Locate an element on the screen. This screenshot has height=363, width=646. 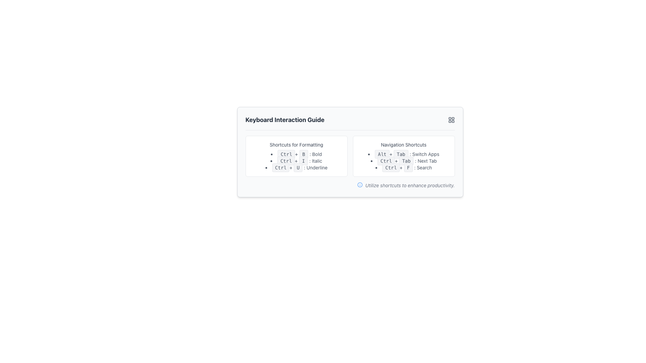
informational label that indicates the keyboard shortcut ('Ctrl+B') for applying bold formatting, located as the first item in the bulleted list under the 'Shortcuts for Formatting' column is located at coordinates (296, 154).